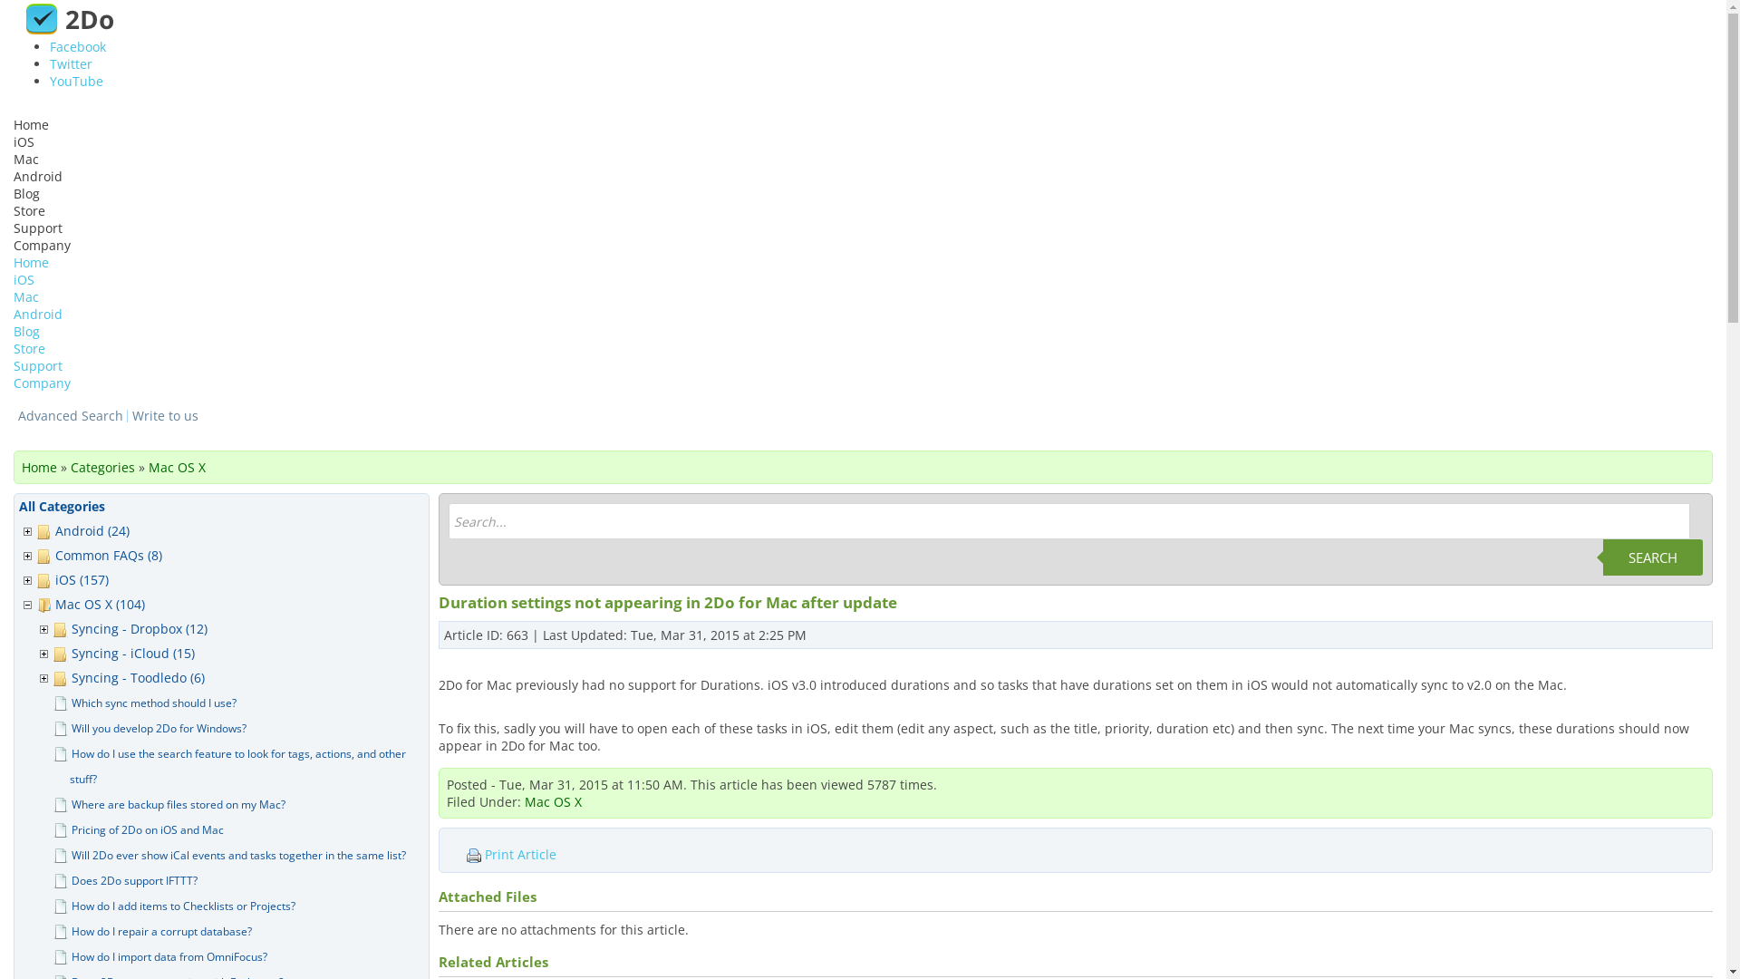 This screenshot has width=1740, height=979. I want to click on 'Syncing - iCloud (15)', so click(135, 653).